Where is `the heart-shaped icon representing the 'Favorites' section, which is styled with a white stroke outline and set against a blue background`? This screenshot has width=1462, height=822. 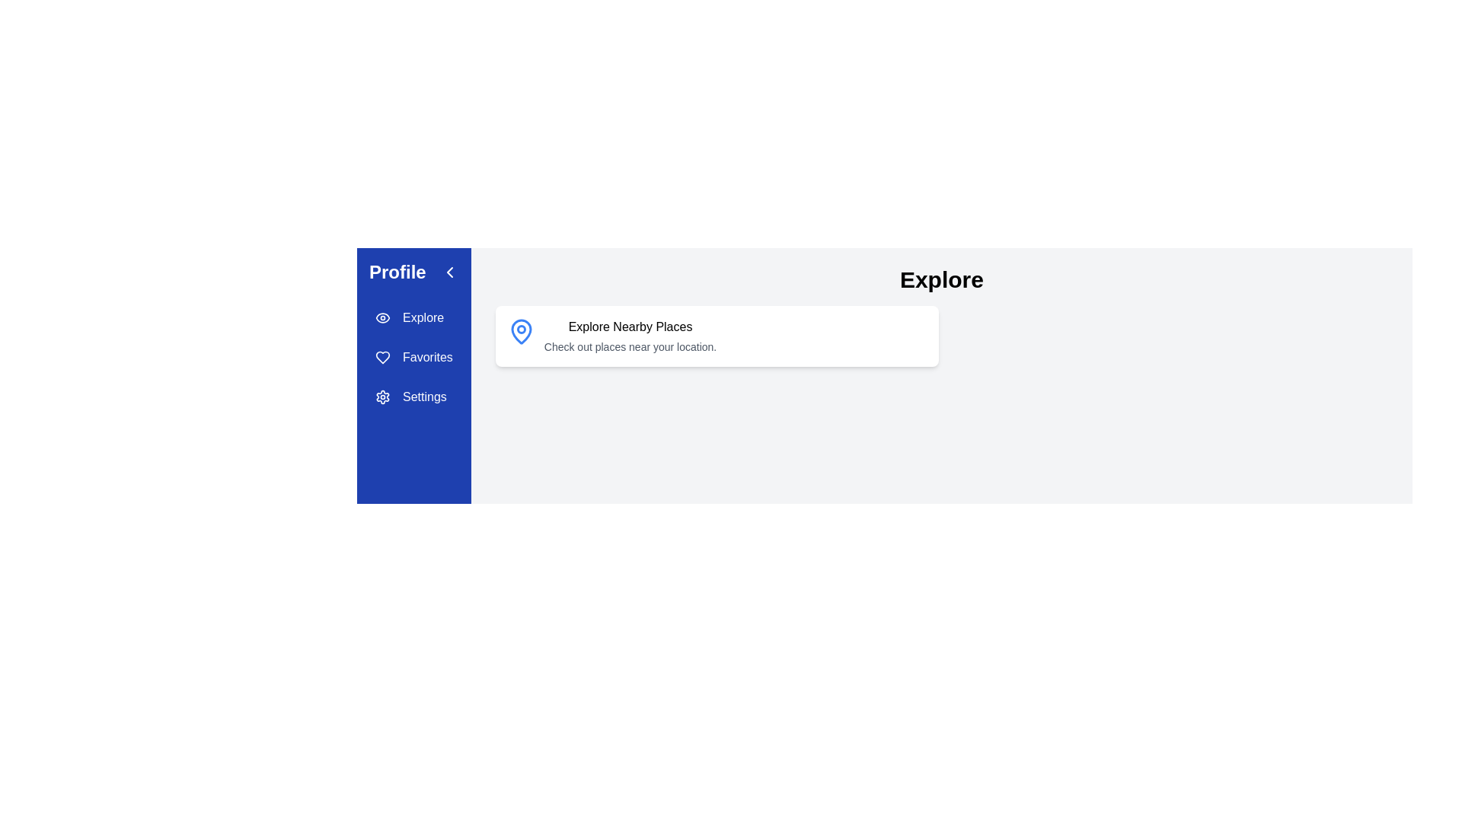
the heart-shaped icon representing the 'Favorites' section, which is styled with a white stroke outline and set against a blue background is located at coordinates (383, 358).